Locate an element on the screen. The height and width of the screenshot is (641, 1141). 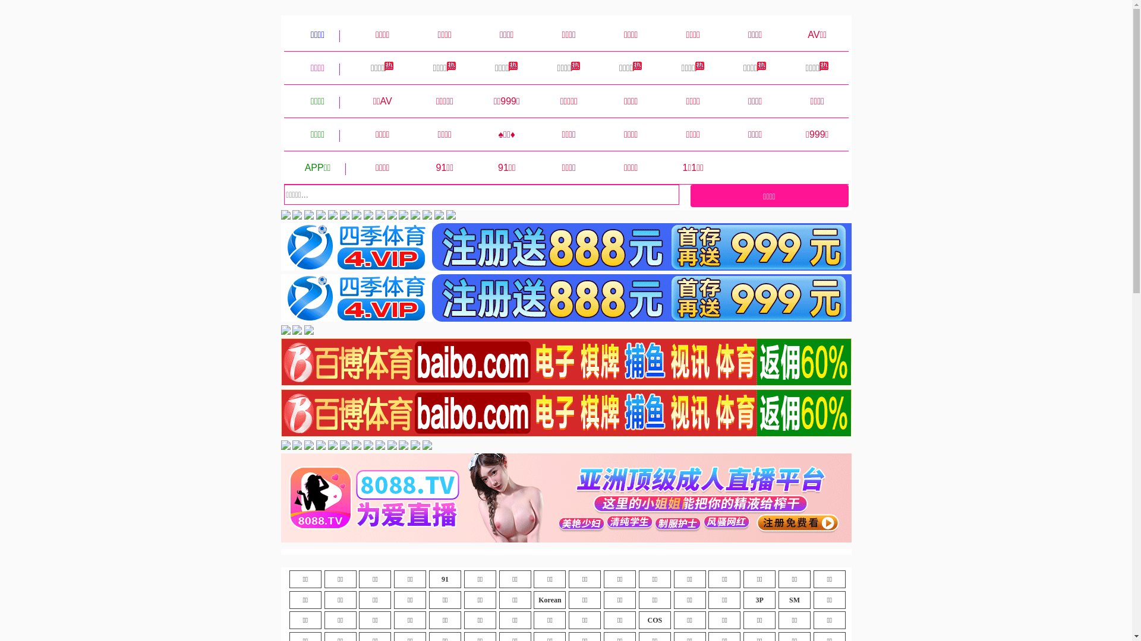
'Korean' is located at coordinates (549, 599).